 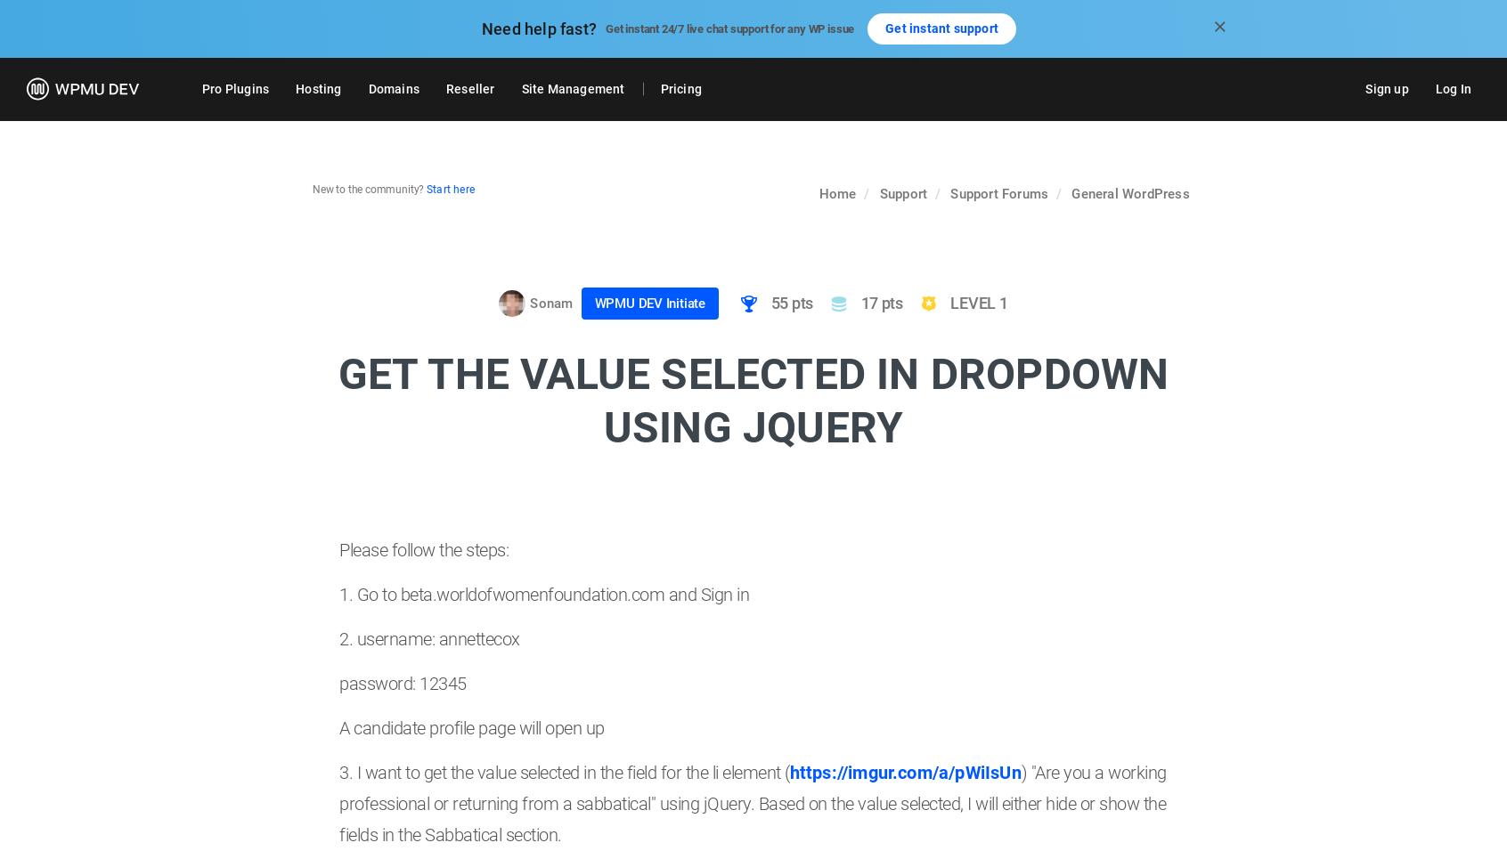 I want to click on 'Home', so click(x=837, y=193).